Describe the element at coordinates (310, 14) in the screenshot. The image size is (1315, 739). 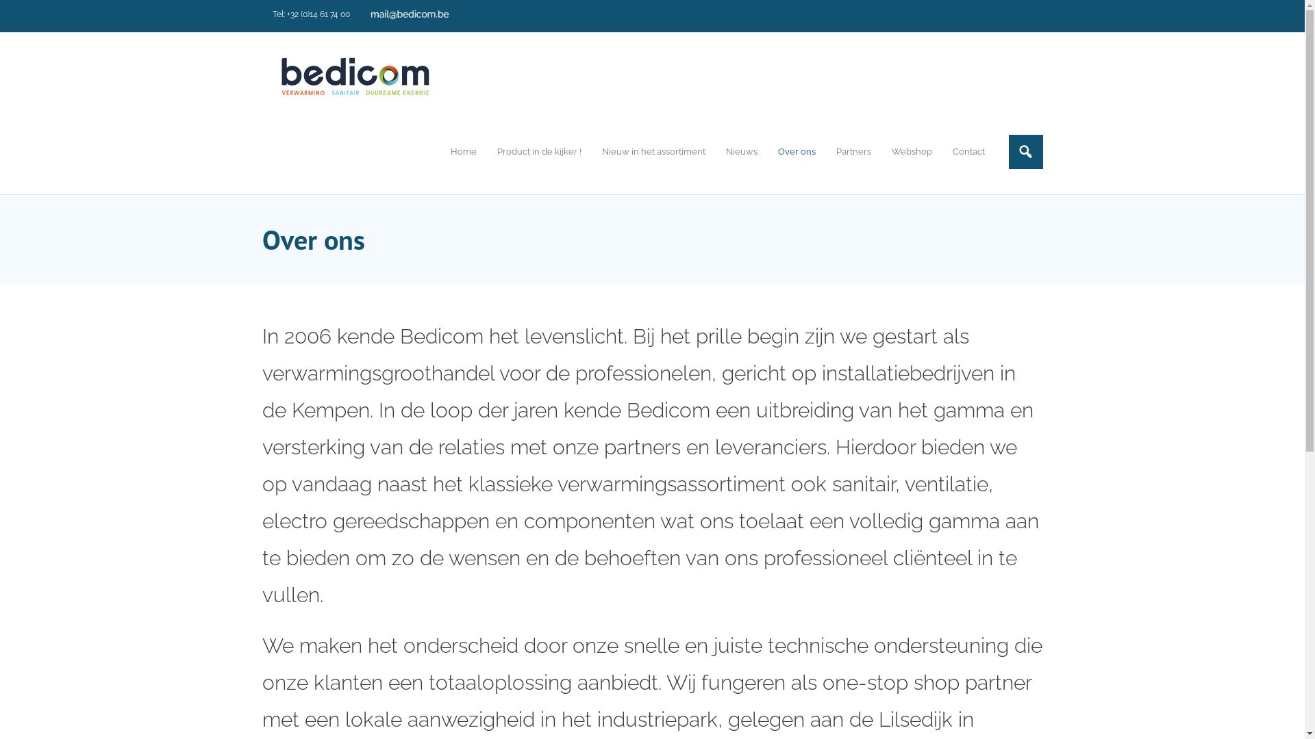
I see `'Tel: +32 (0)14 61 74 00'` at that location.